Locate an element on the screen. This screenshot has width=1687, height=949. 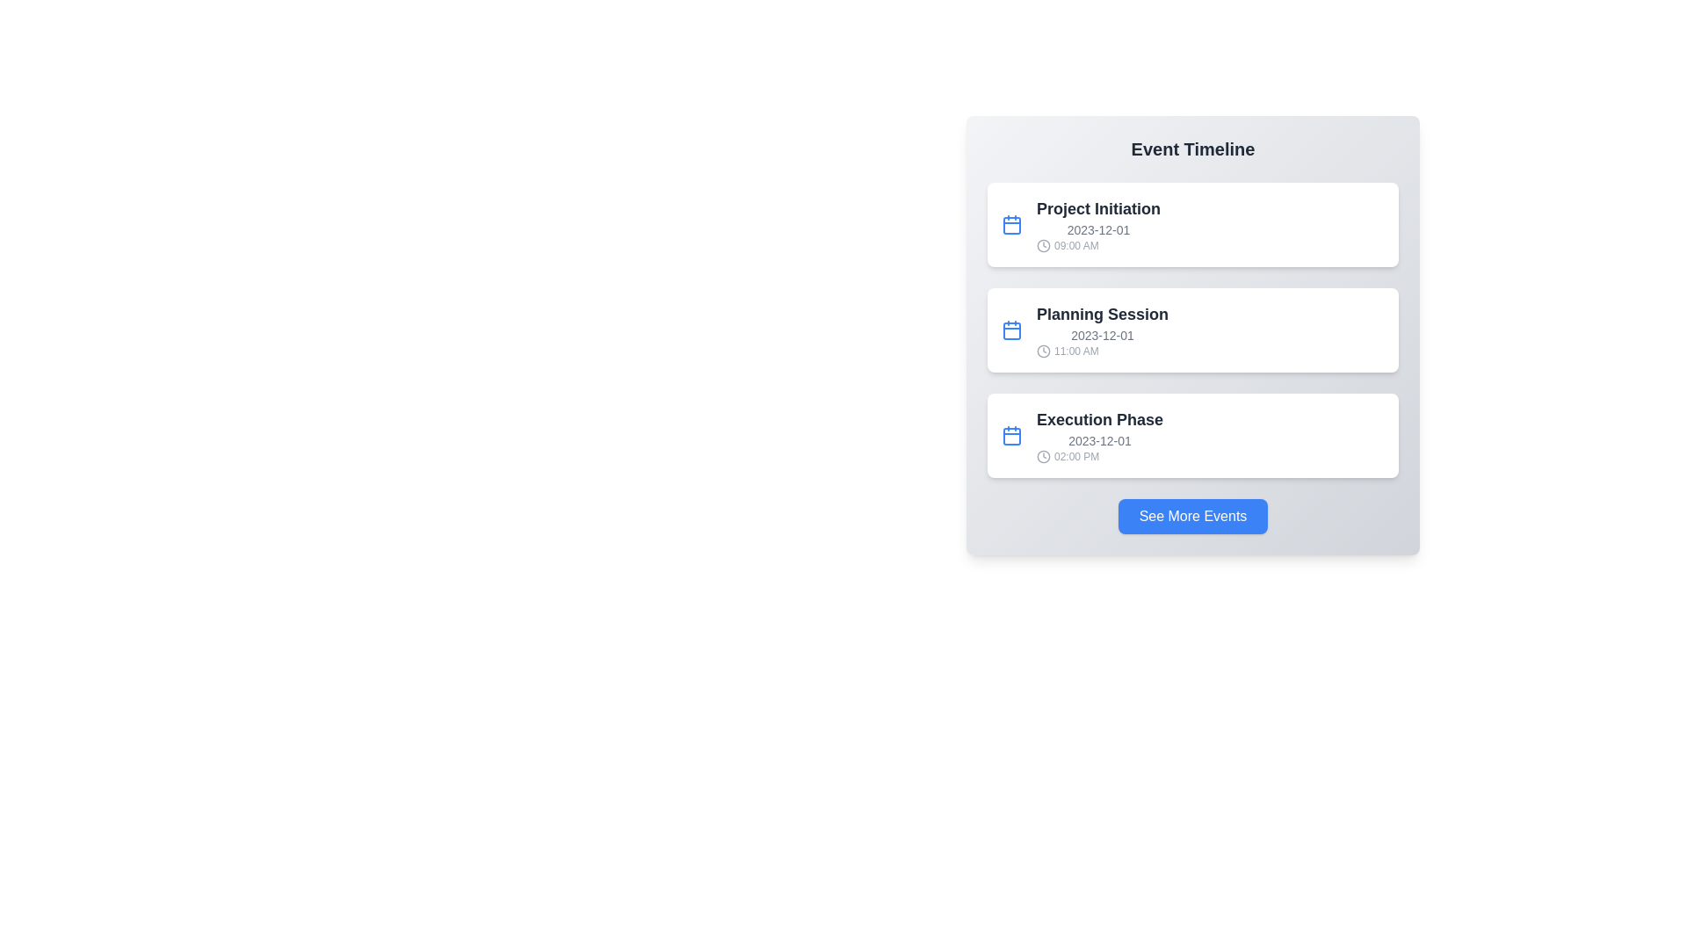
the 'See More Events' button is located at coordinates (1193, 515).